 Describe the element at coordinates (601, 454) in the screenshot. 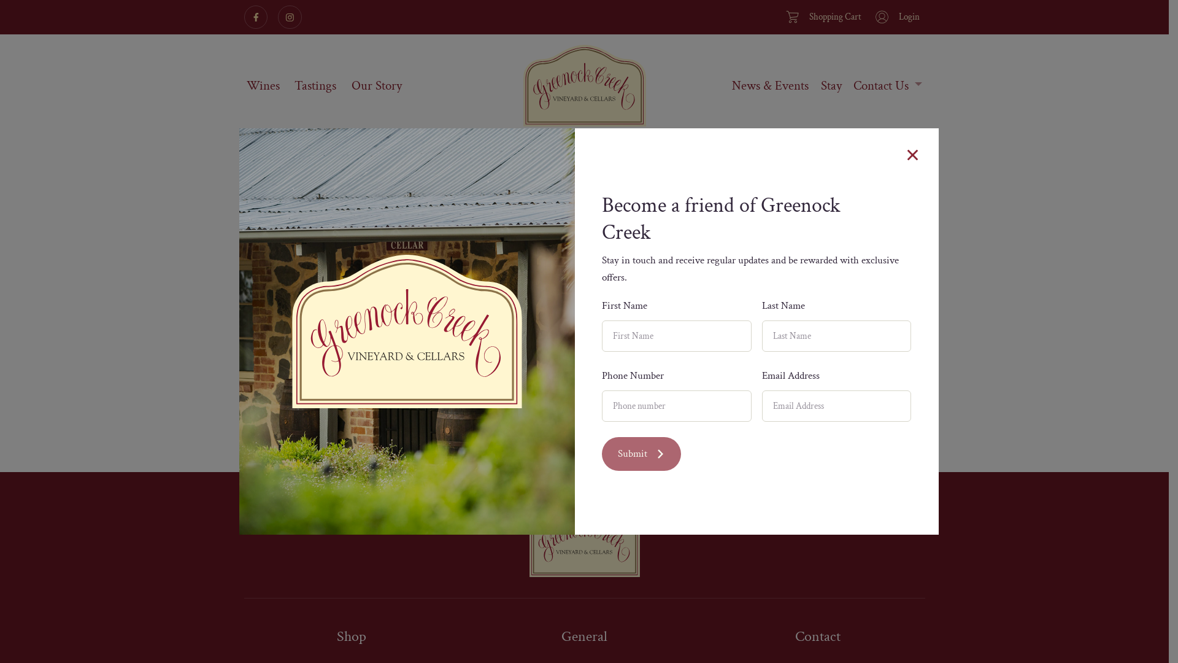

I see `'Submit'` at that location.